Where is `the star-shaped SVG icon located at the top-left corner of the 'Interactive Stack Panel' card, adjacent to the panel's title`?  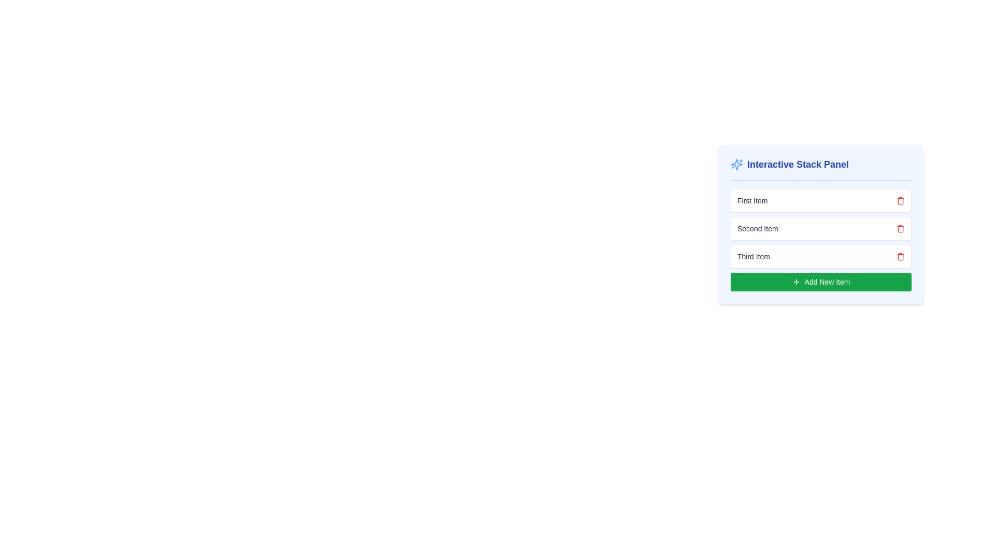 the star-shaped SVG icon located at the top-left corner of the 'Interactive Stack Panel' card, adjacent to the panel's title is located at coordinates (736, 164).